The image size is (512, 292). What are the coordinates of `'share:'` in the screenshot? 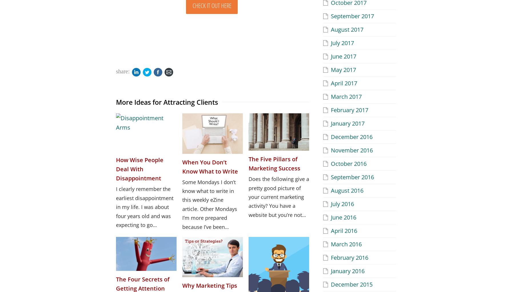 It's located at (123, 71).